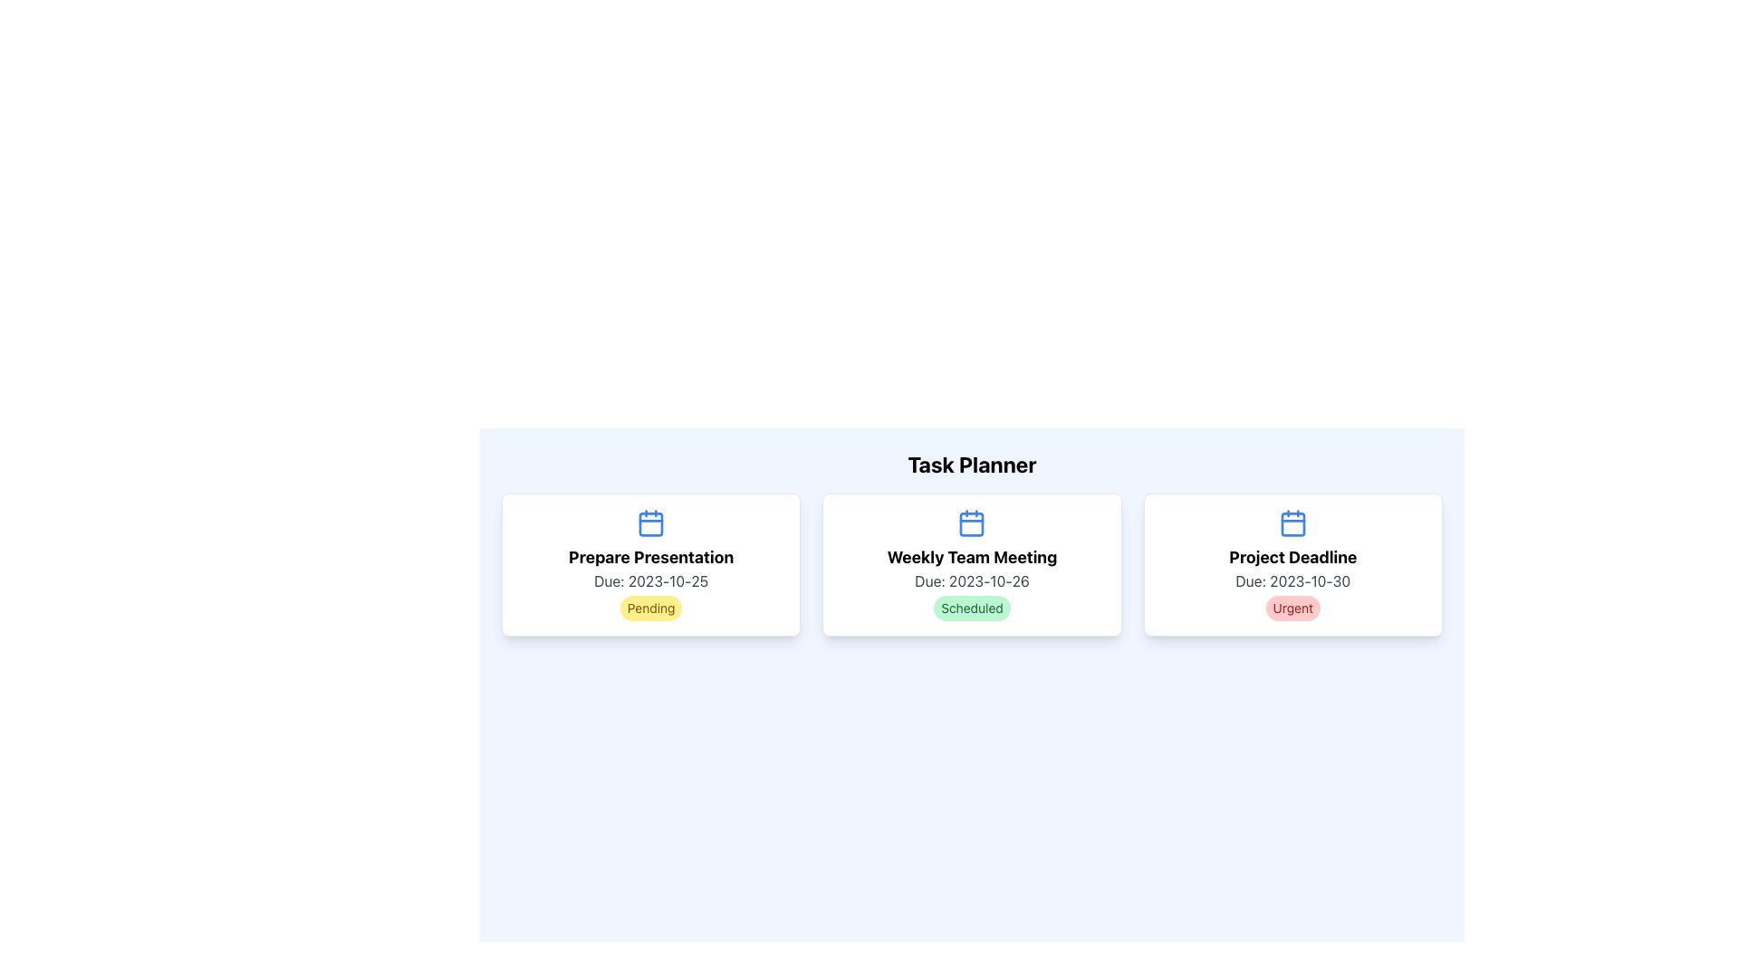 The image size is (1739, 978). I want to click on the blue rectangular calendar icon located at the top center of the 'Prepare Presentation' card in the Task Planner dashboard, so click(651, 523).